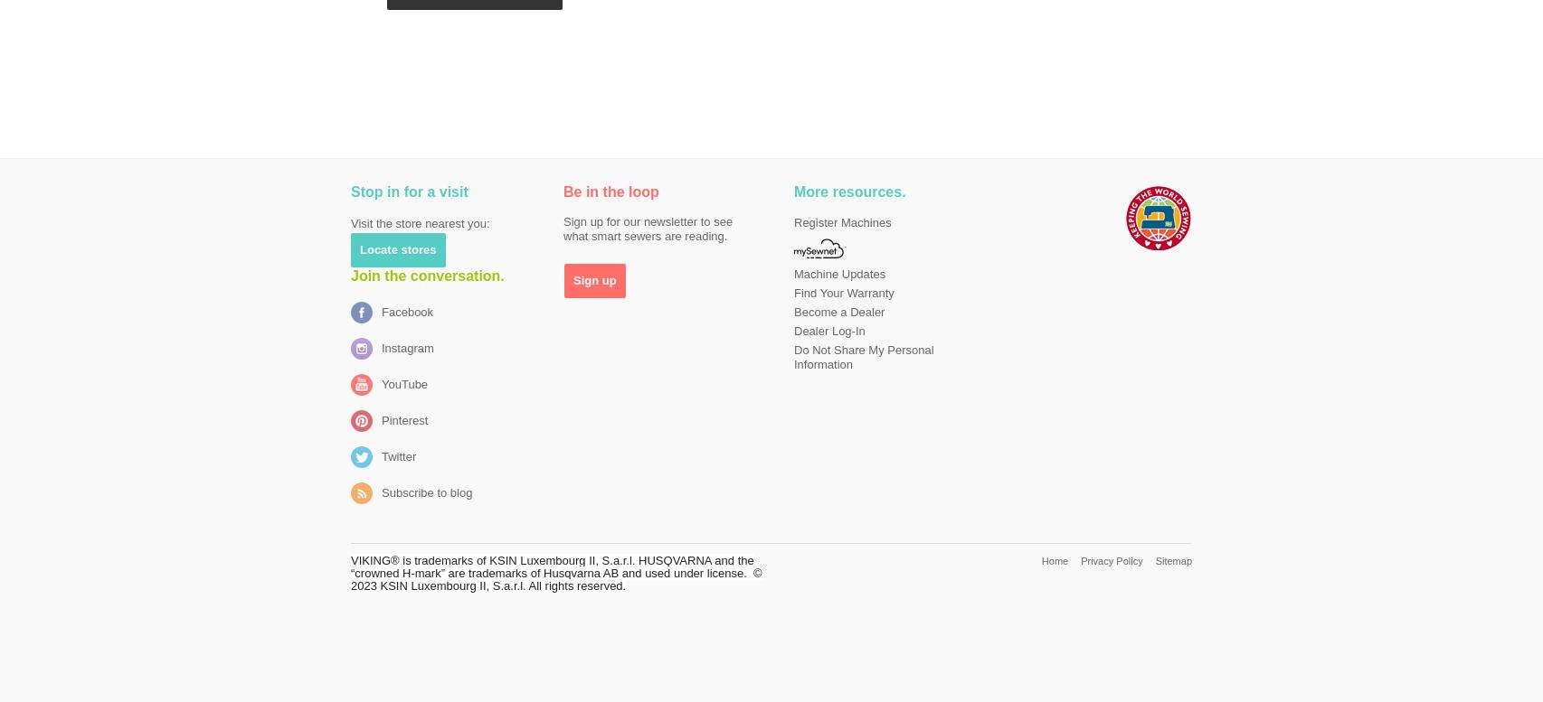 This screenshot has width=1543, height=702. What do you see at coordinates (408, 191) in the screenshot?
I see `'Stop in for a visit'` at bounding box center [408, 191].